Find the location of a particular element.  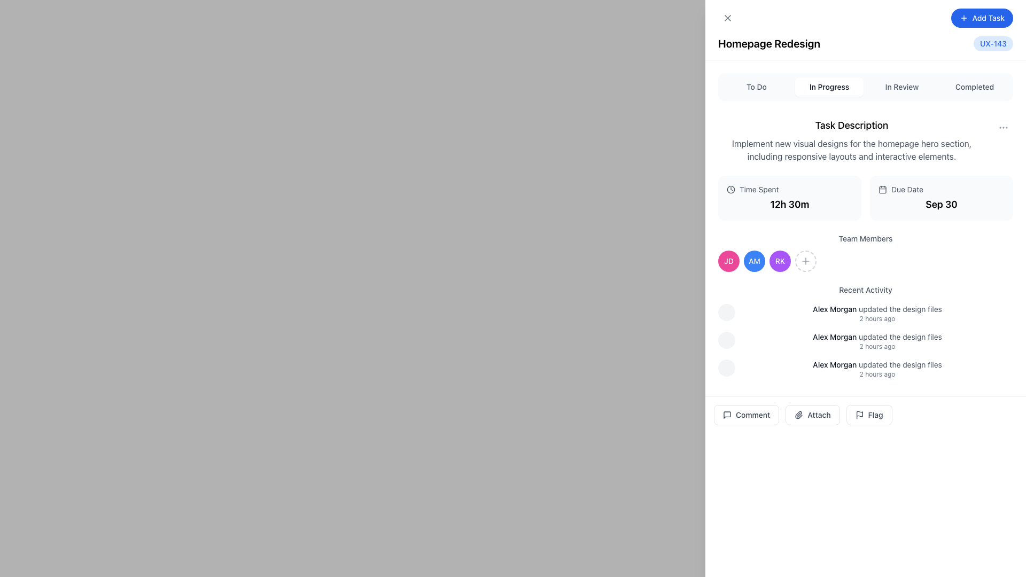

the paperclip icon within the 'Attach' button to initiate the attach action is located at coordinates (799, 414).